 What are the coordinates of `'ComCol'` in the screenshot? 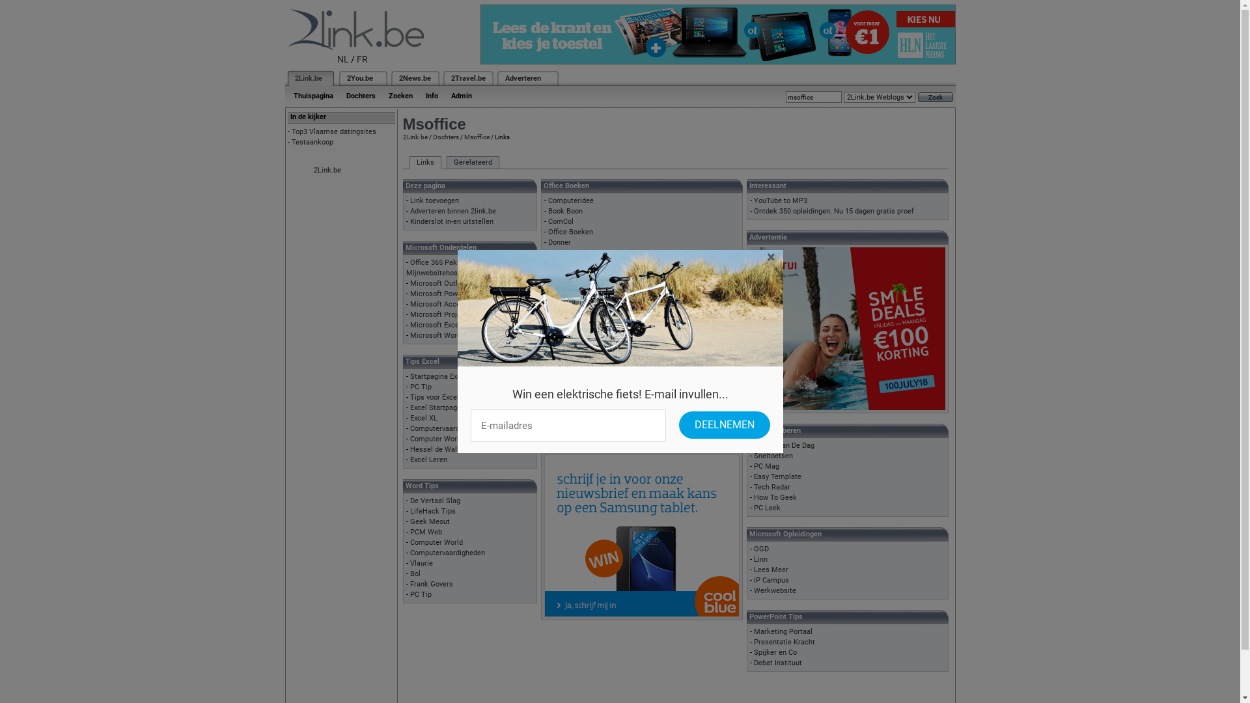 It's located at (561, 221).